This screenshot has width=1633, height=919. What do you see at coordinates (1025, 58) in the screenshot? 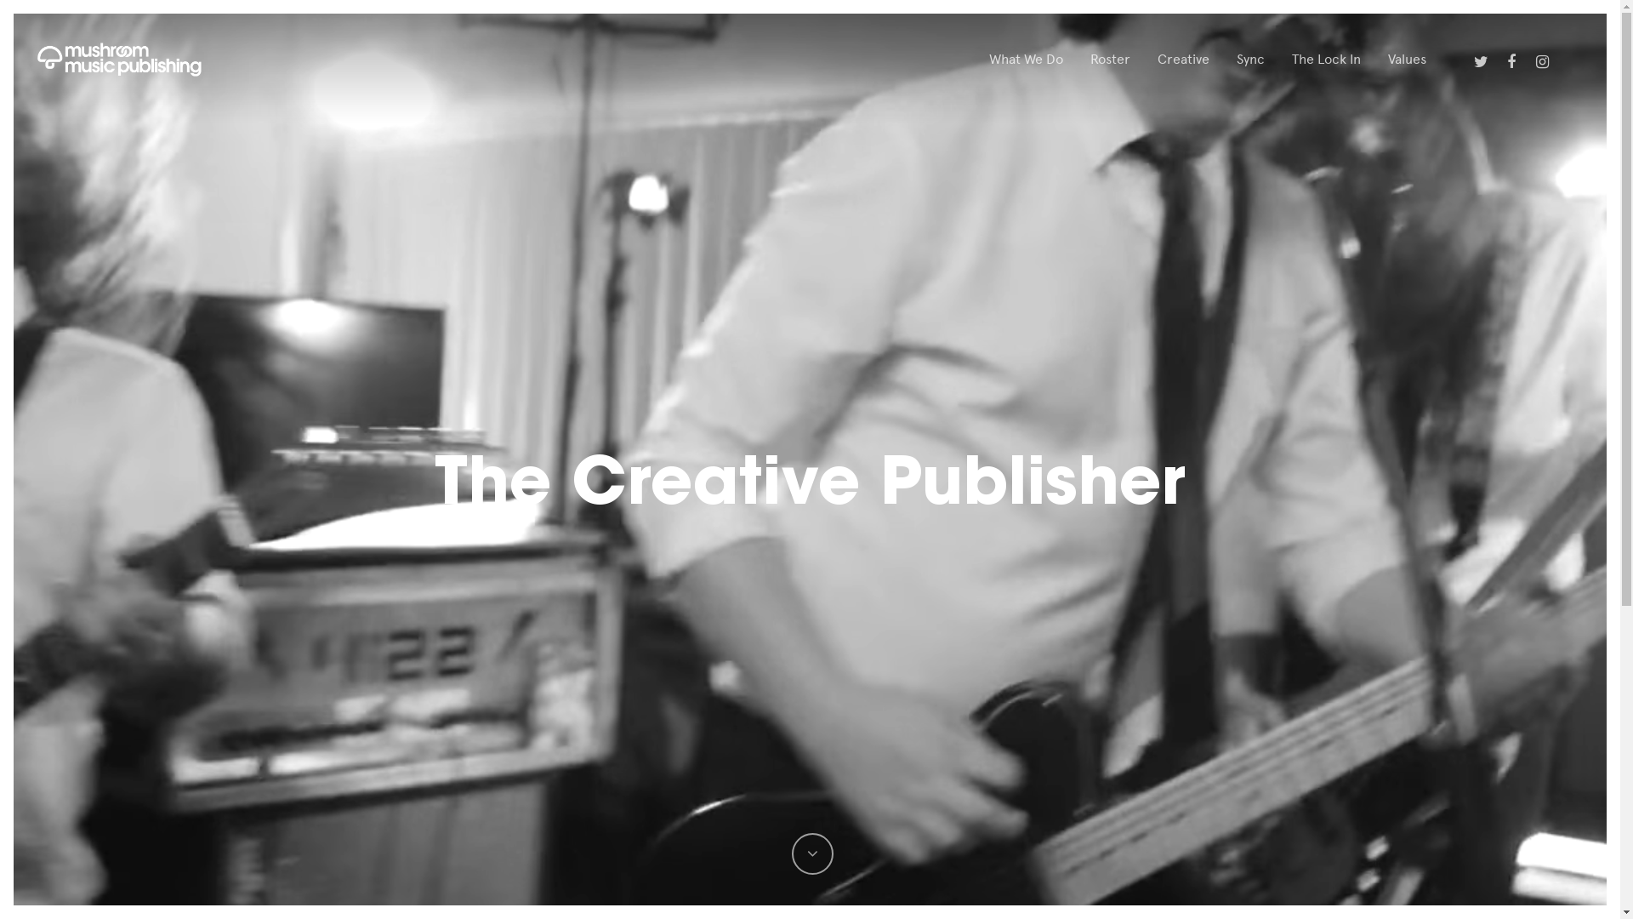
I see `'What We Do'` at bounding box center [1025, 58].